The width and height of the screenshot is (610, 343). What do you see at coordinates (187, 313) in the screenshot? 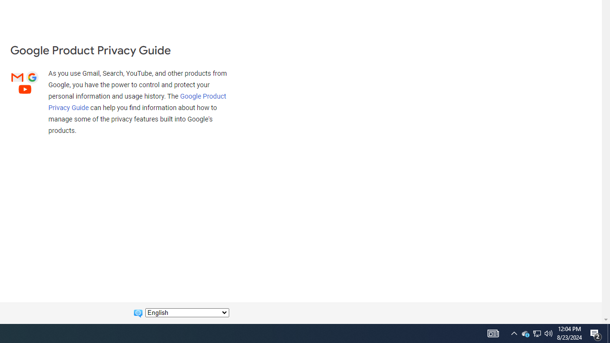
I see `'Change language:'` at bounding box center [187, 313].